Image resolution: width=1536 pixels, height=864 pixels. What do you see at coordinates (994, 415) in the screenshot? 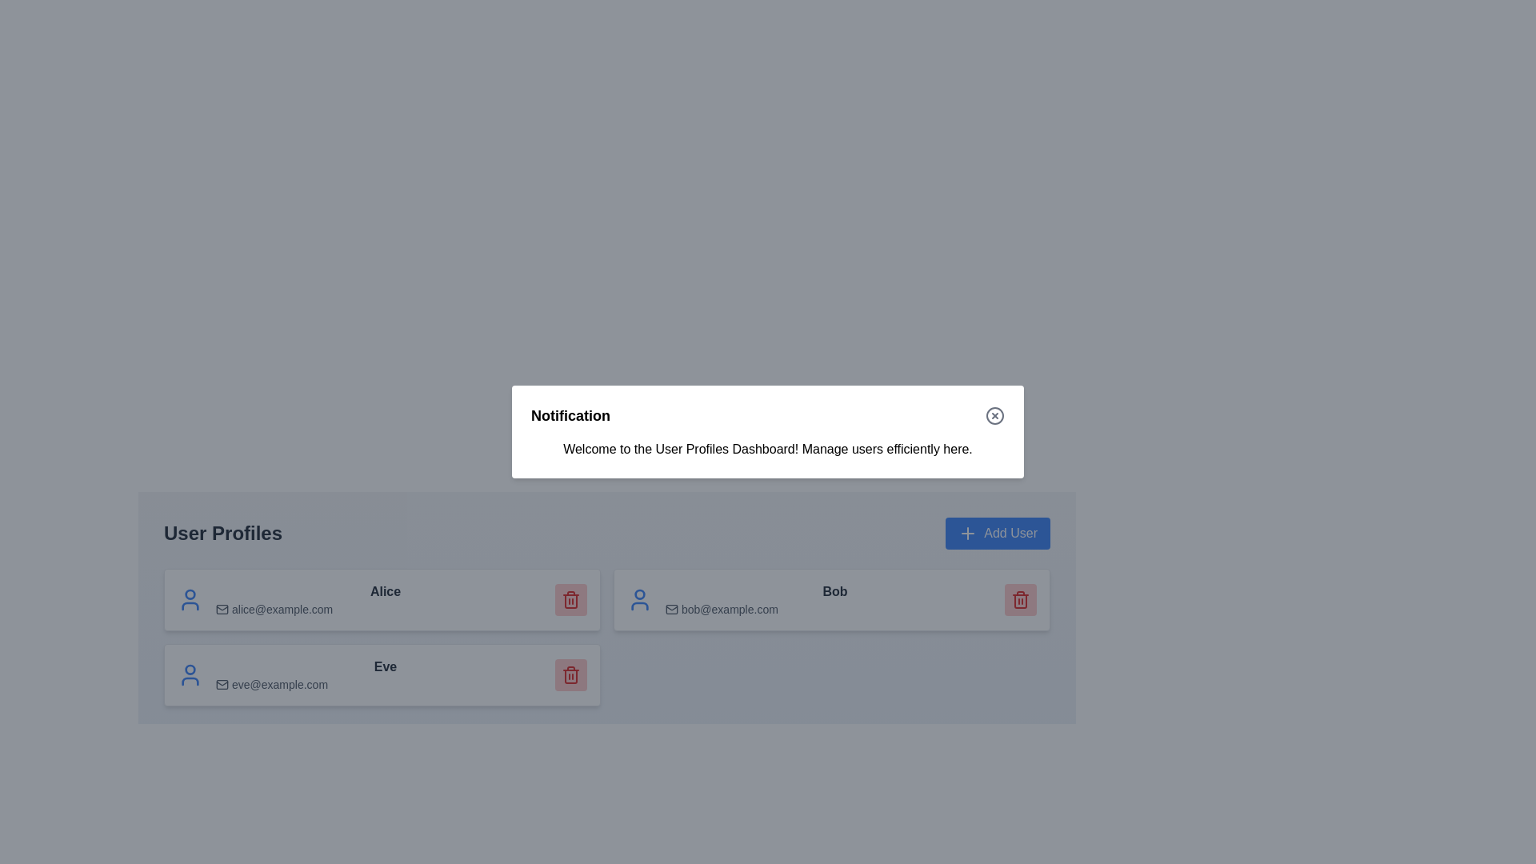
I see `the circular outline icon decoration in the top-right corner of the notification box, which features a cross pattern inside and is grayish in color` at bounding box center [994, 415].